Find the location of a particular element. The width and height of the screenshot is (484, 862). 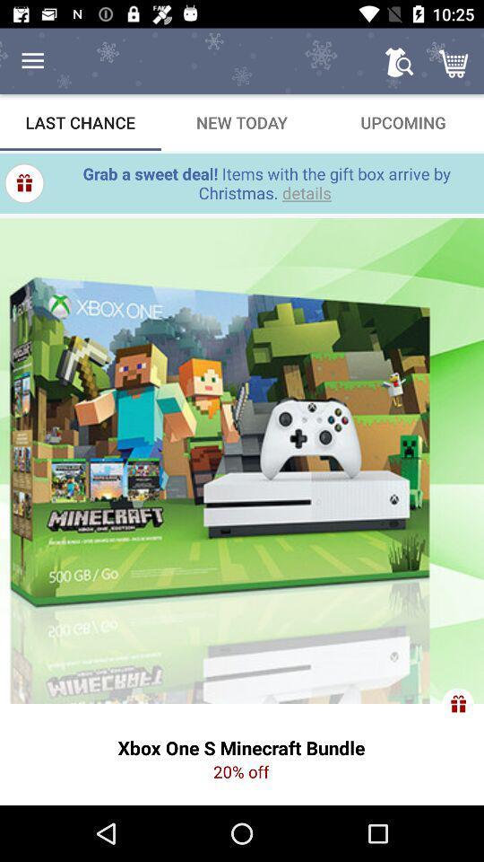

the gift icon is located at coordinates (458, 704).